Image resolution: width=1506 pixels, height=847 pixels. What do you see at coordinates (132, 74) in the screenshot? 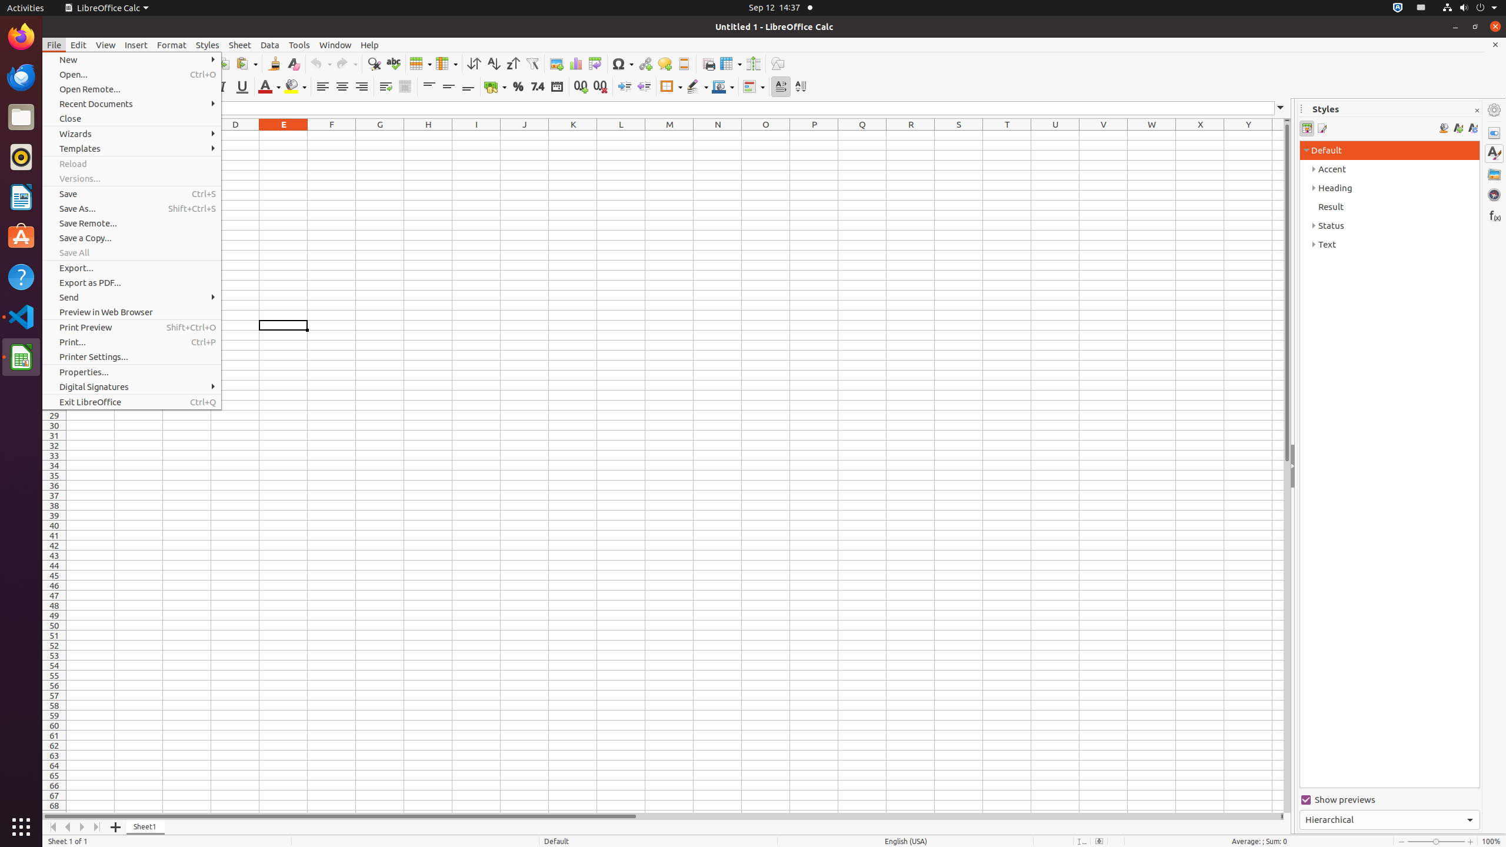
I see `'Open...'` at bounding box center [132, 74].